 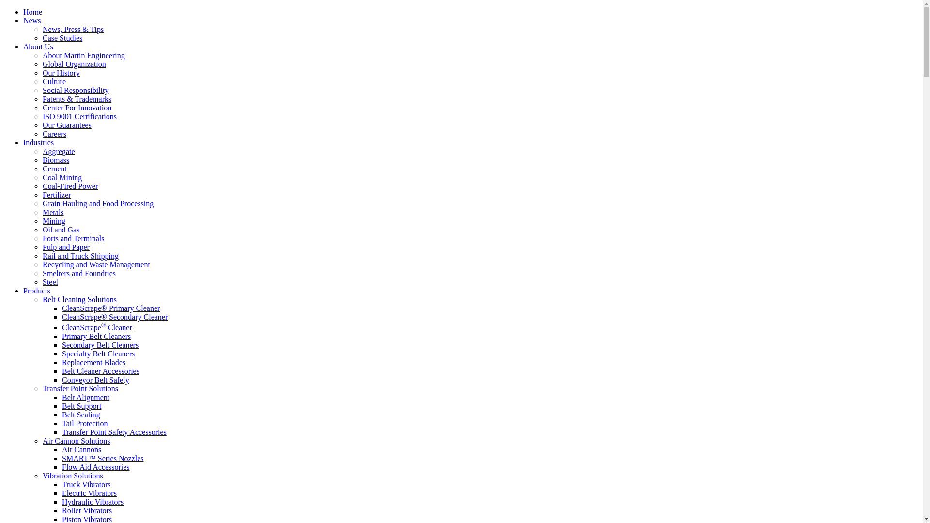 What do you see at coordinates (81, 449) in the screenshot?
I see `'Air Cannons'` at bounding box center [81, 449].